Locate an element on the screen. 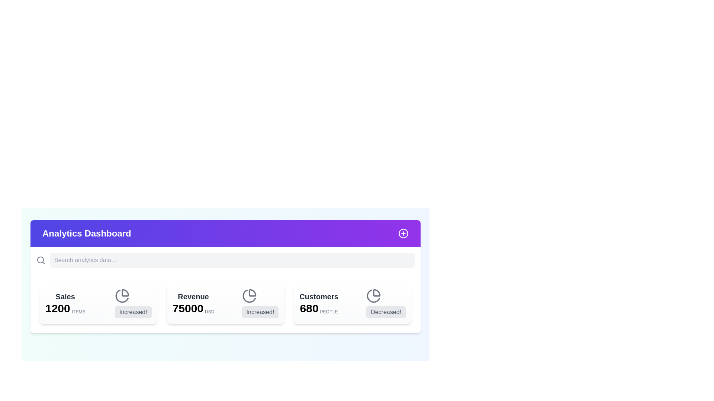  the action button located on the right-hand side of the 'Analytics Dashboard' header is located at coordinates (403, 233).